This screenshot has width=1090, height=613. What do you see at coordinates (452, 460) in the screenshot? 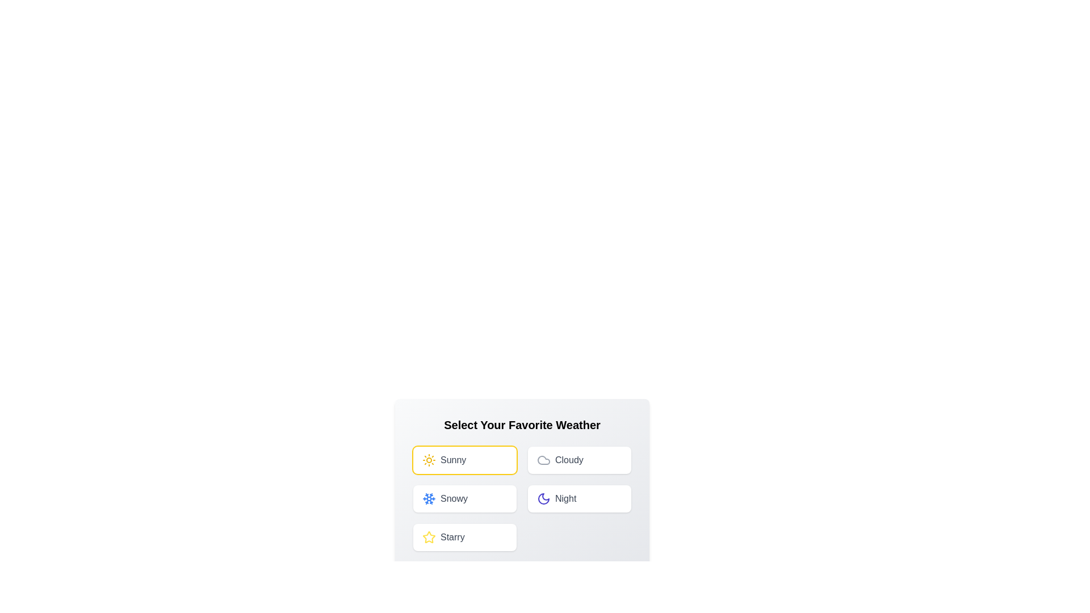
I see `the text label displaying 'Sunny', which is positioned within a rectangular selection box in the top-left quadrant of the layout under the heading 'Select Your Favorite Weather'` at bounding box center [452, 460].